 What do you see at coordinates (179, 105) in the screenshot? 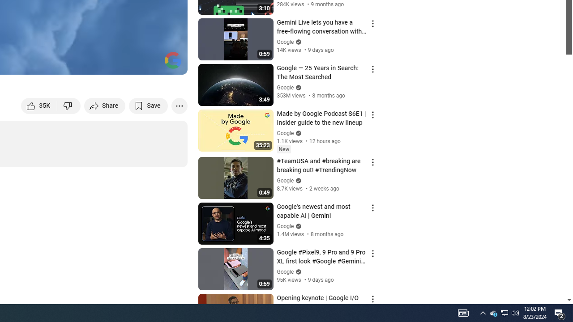
I see `'More actions'` at bounding box center [179, 105].